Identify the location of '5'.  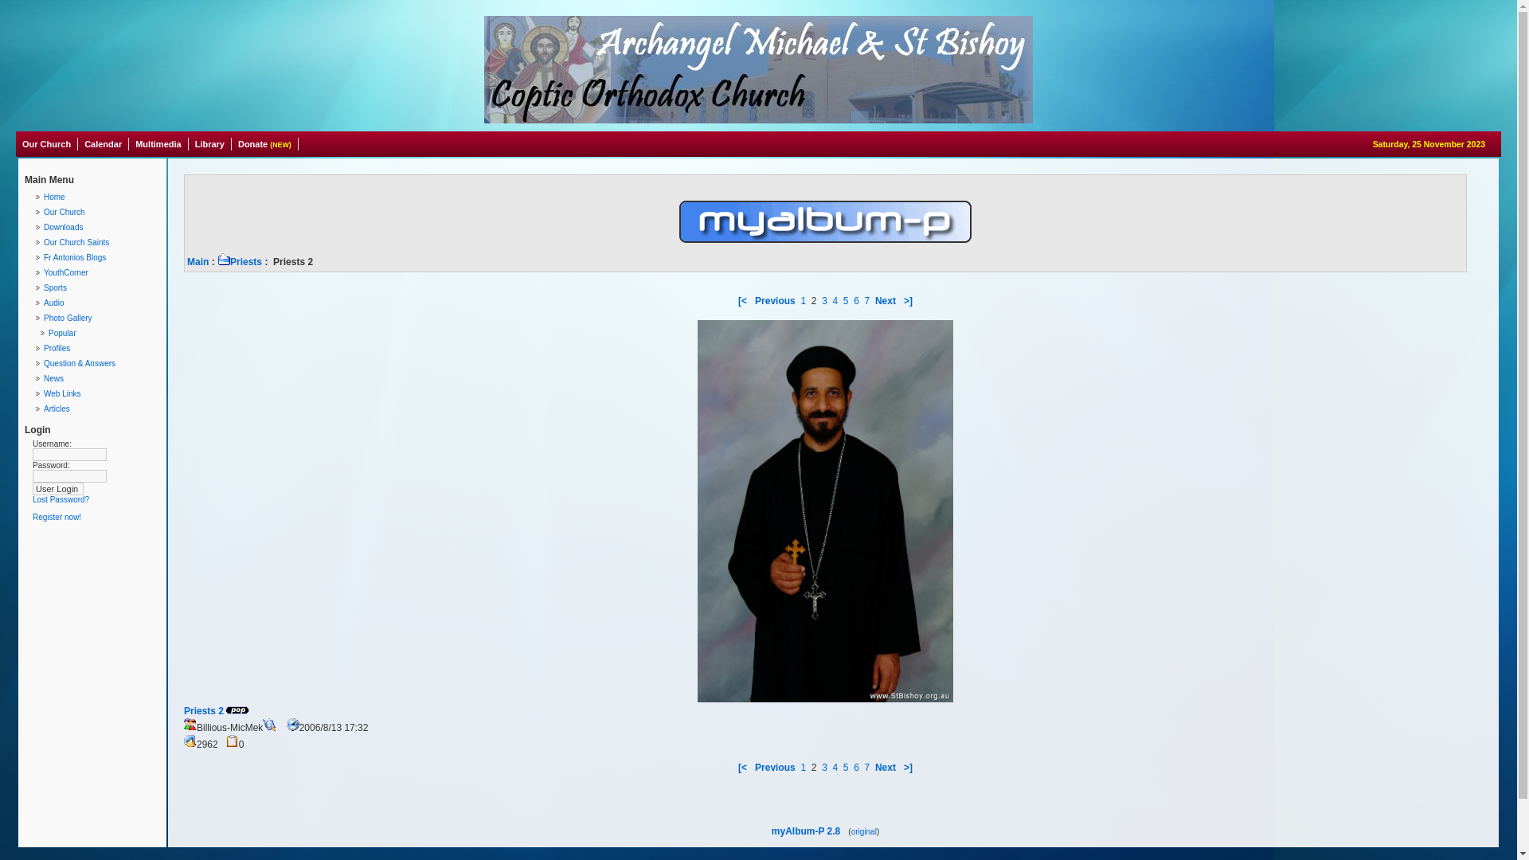
(845, 301).